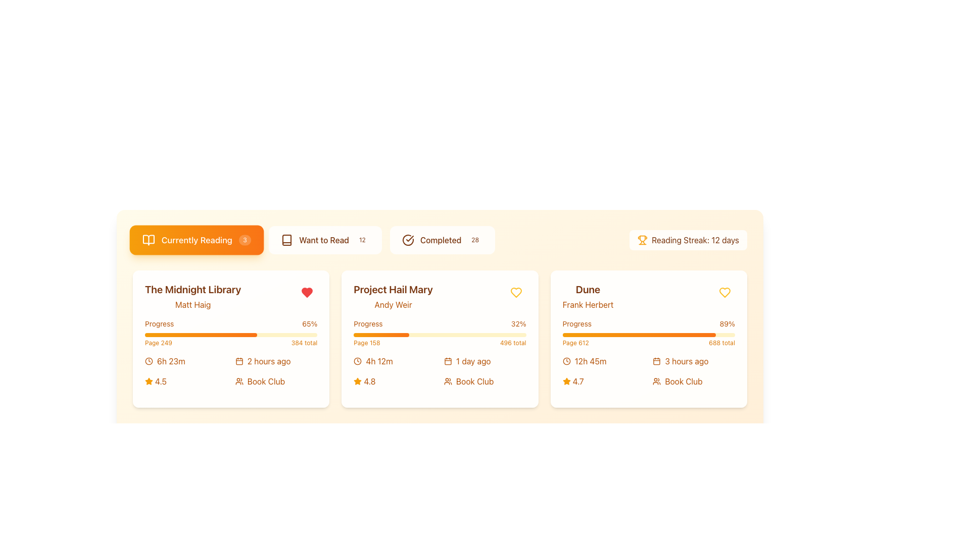  What do you see at coordinates (393, 304) in the screenshot?
I see `the static text element displaying the author's name of the book 'Project Hail Mary', which is located in the second card of the displayed row and is the second line of text underneath the book title` at bounding box center [393, 304].